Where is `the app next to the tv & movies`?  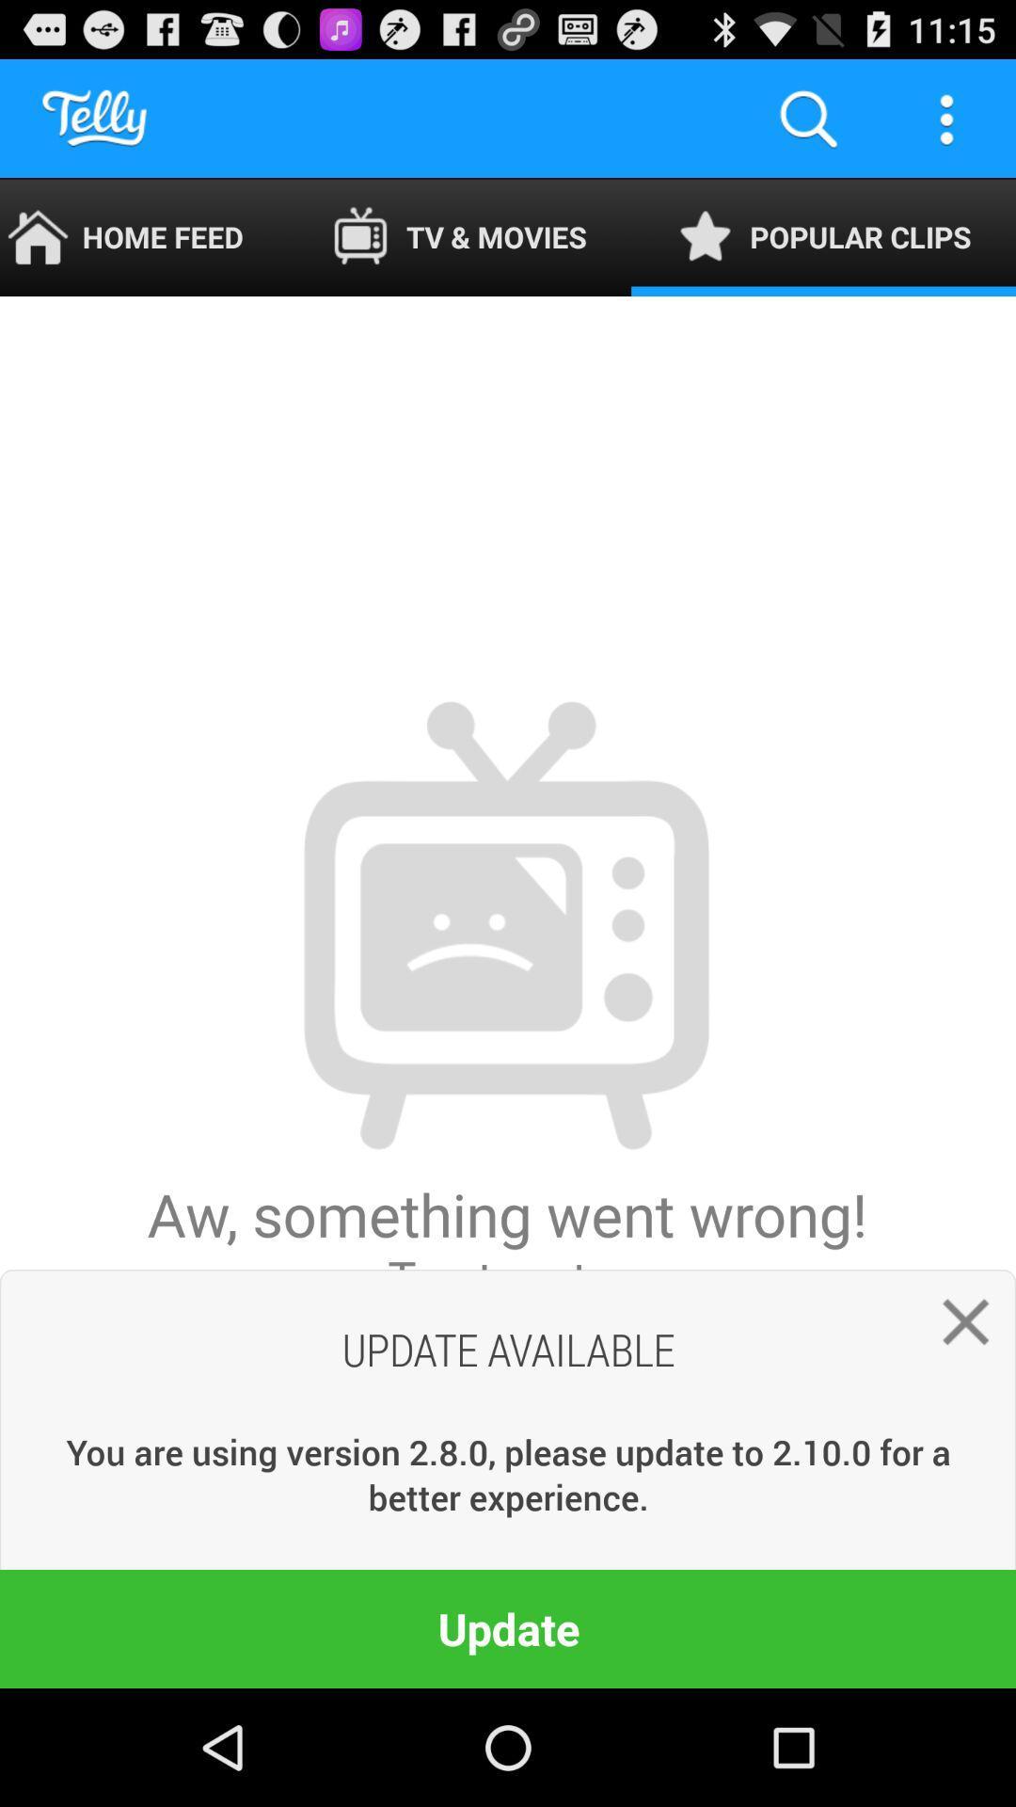
the app next to the tv & movies is located at coordinates (822, 236).